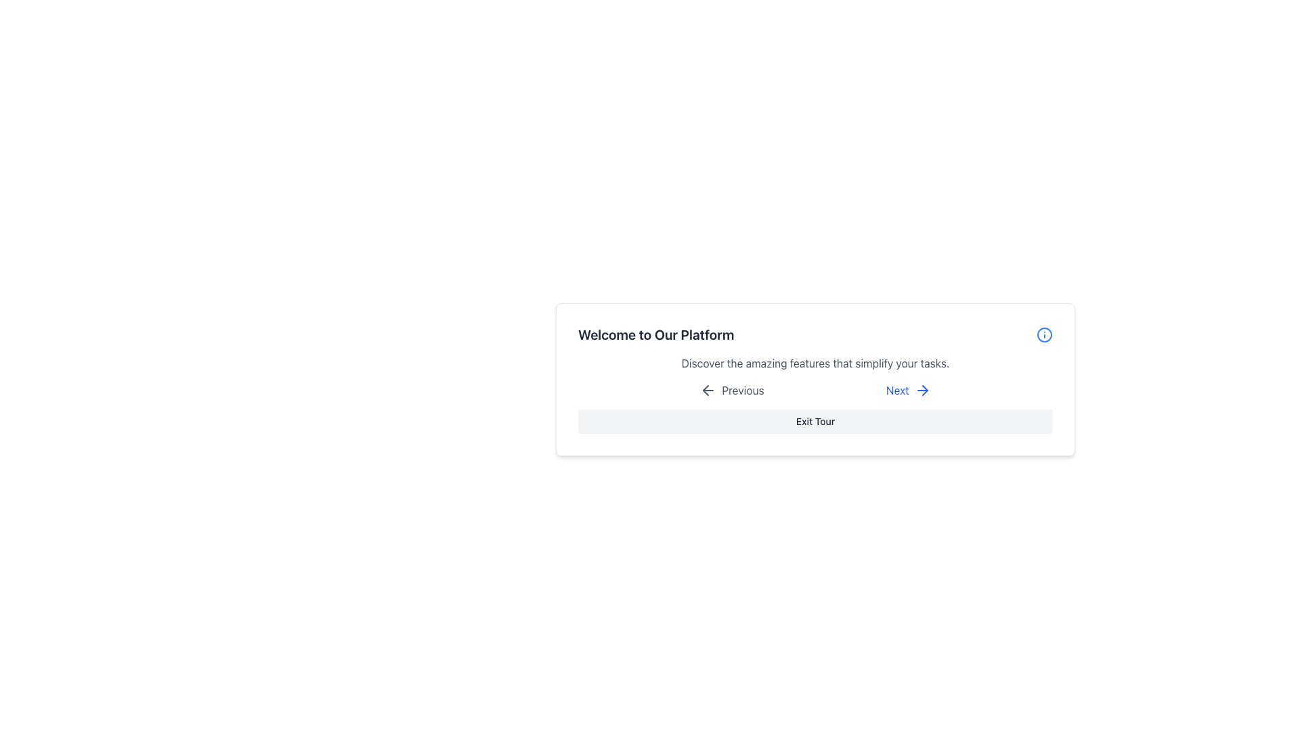 The height and width of the screenshot is (731, 1300). What do you see at coordinates (1043, 334) in the screenshot?
I see `the Circle within the SVG icon located at the top-right corner of the interface` at bounding box center [1043, 334].